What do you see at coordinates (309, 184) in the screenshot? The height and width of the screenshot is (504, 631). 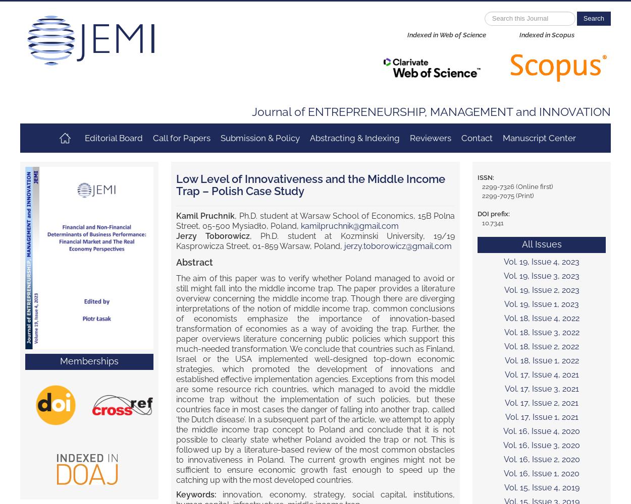 I see `'Low Level of Innovativeness and the Middle Income Trap – Polish Case Study'` at bounding box center [309, 184].